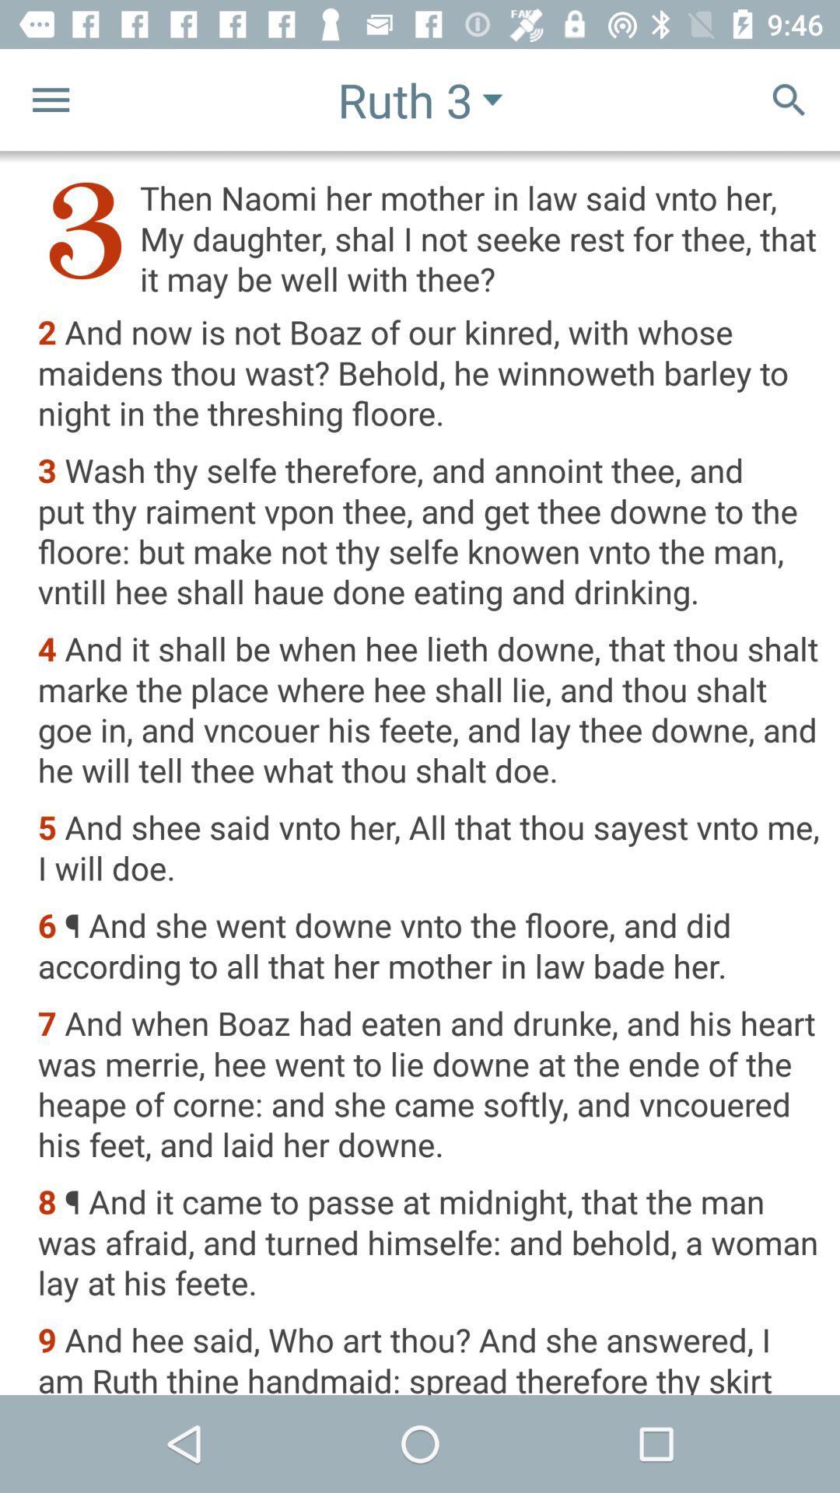 The height and width of the screenshot is (1493, 840). I want to click on icon above the 3 wash thy item, so click(429, 374).